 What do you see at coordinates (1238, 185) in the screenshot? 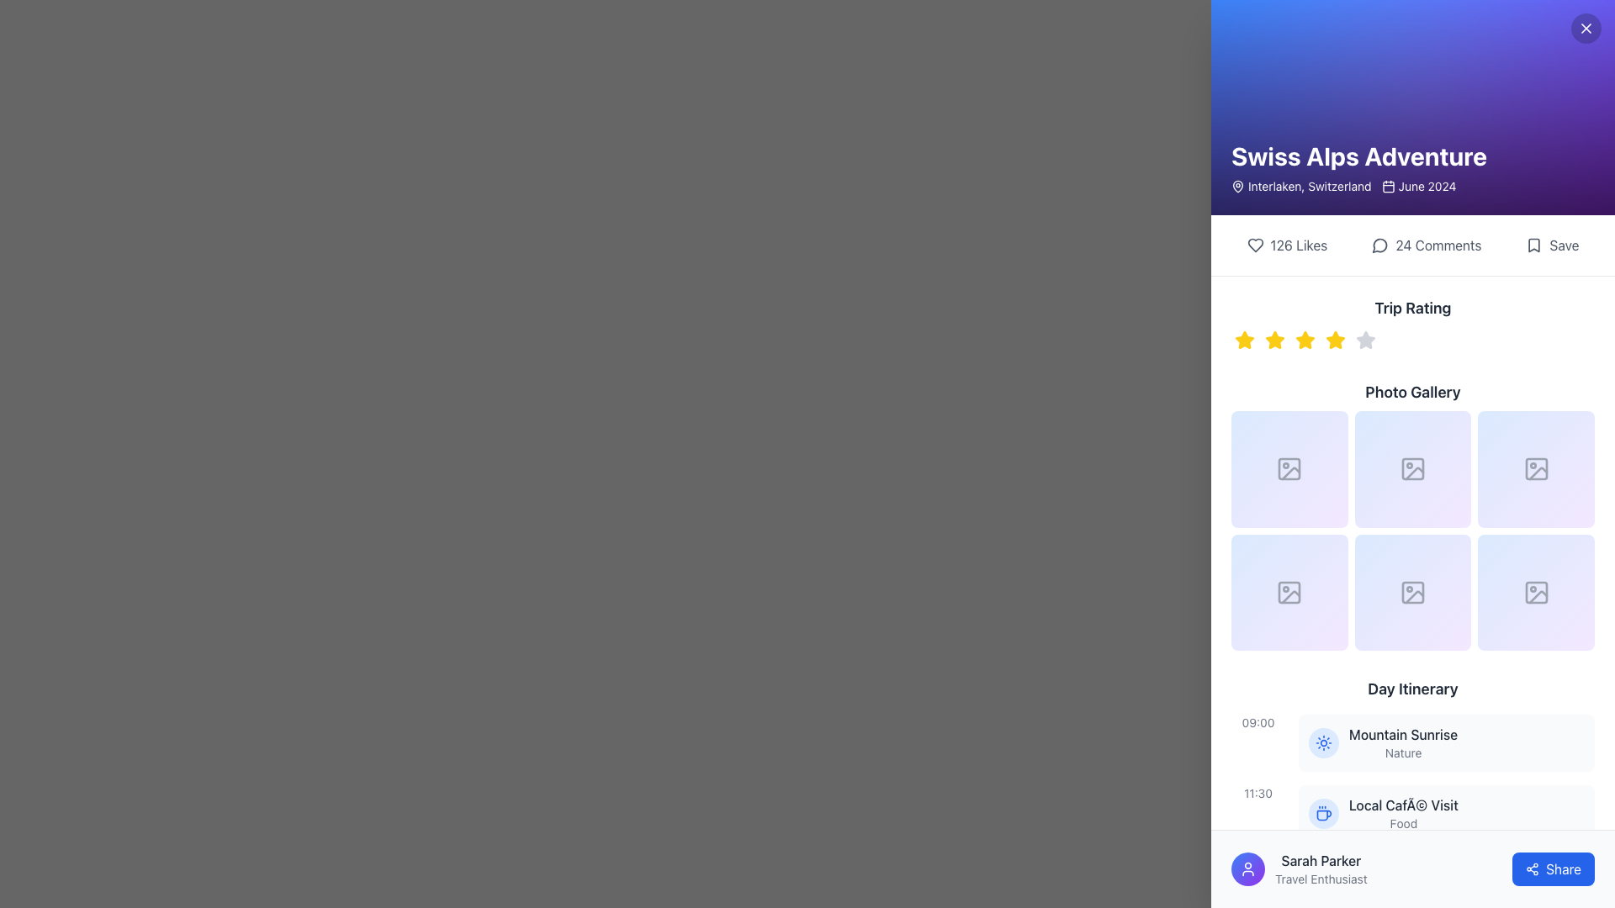
I see `the Map Pin Icon located near the top left corner of the right pane, just to the left of the text 'Interlaken, Switzerland'` at bounding box center [1238, 185].